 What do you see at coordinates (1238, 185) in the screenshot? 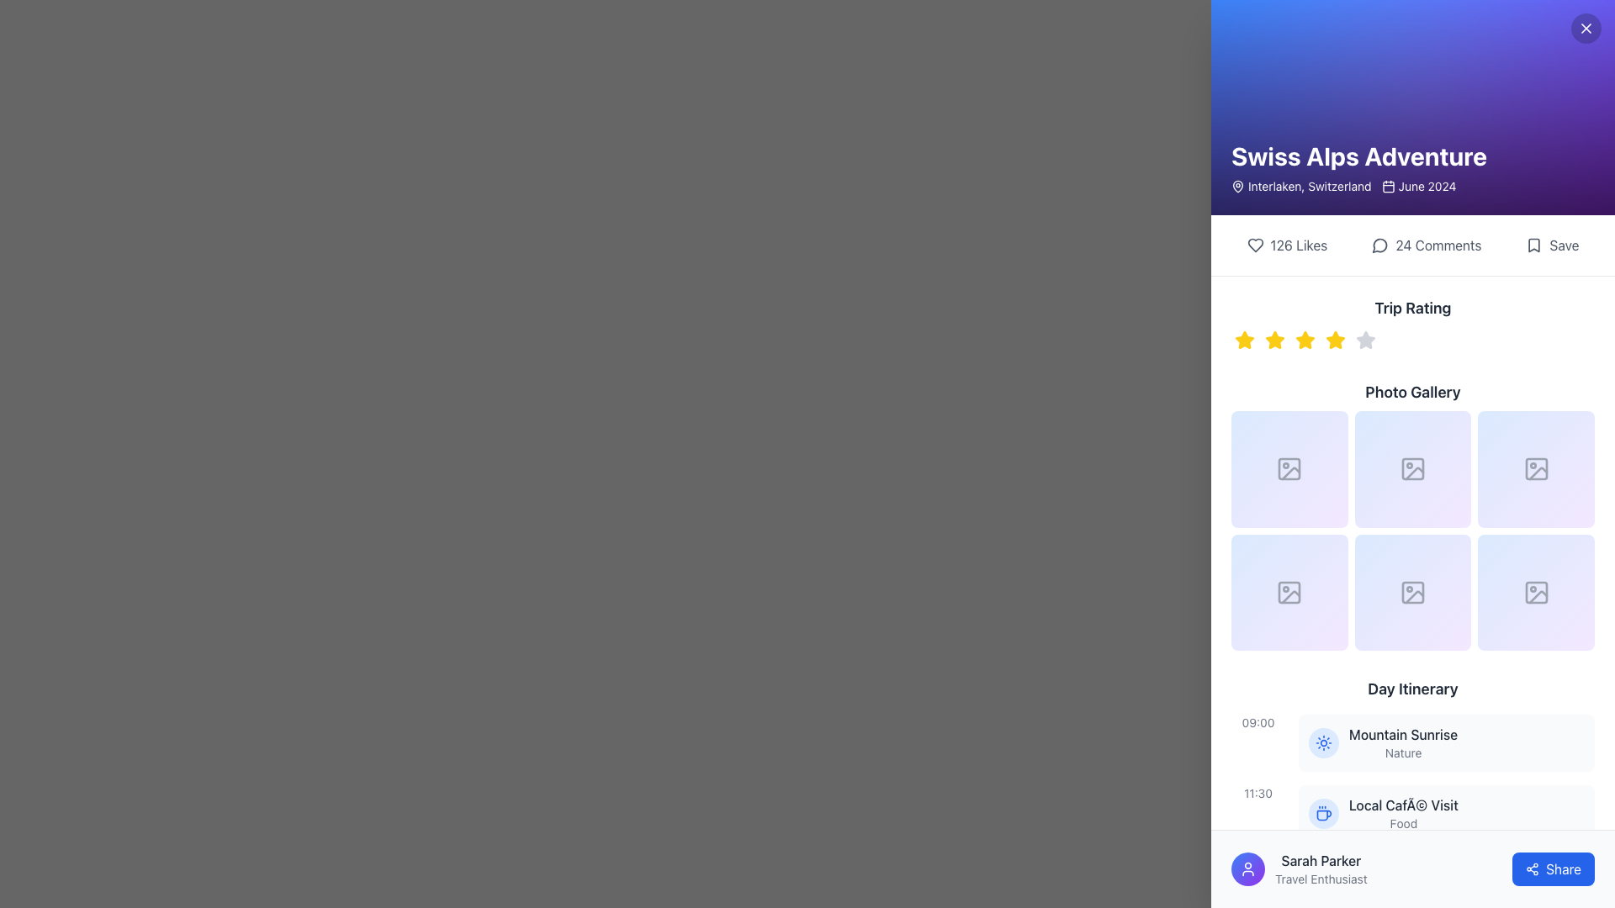
I see `the Map Pin Icon located near the top left corner of the right pane, just to the left of the text 'Interlaken, Switzerland'` at bounding box center [1238, 185].